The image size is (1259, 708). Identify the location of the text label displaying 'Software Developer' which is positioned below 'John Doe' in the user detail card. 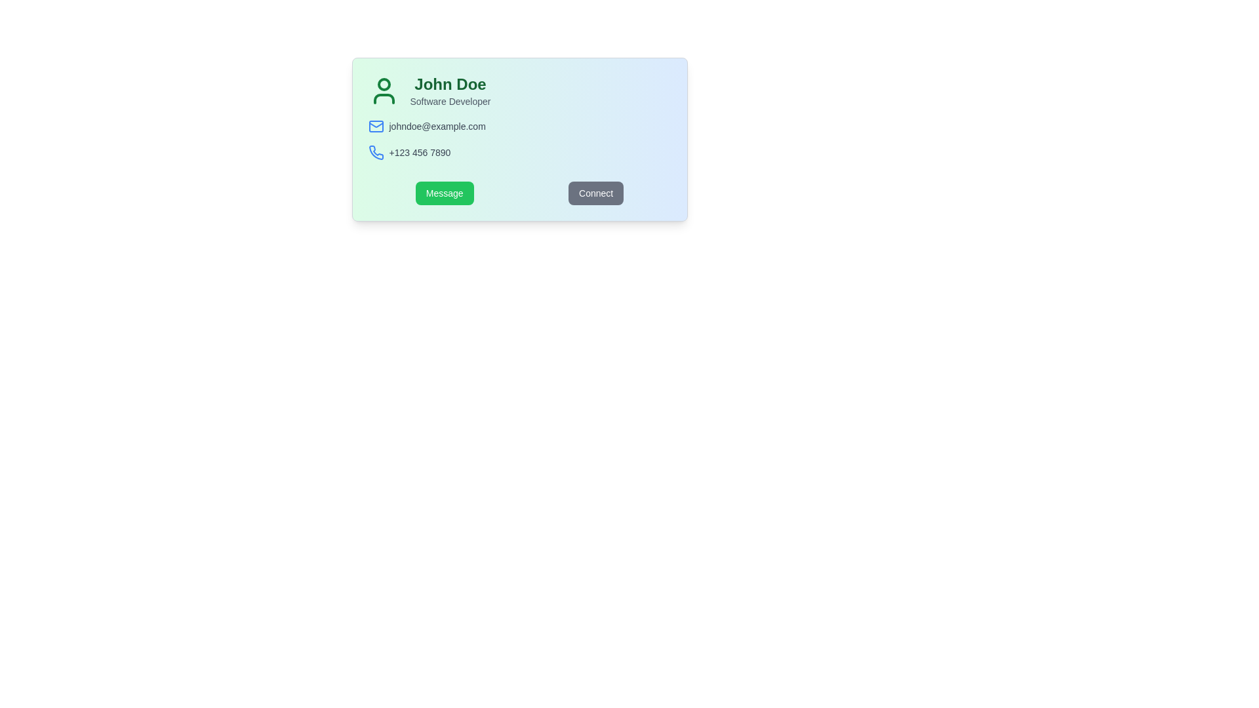
(450, 100).